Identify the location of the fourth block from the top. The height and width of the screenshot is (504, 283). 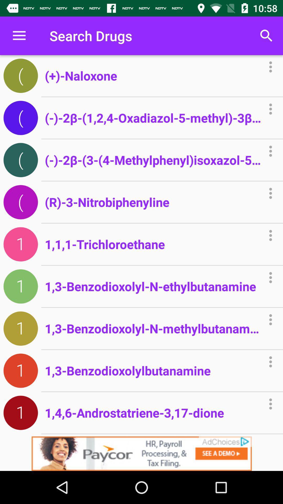
(20, 202).